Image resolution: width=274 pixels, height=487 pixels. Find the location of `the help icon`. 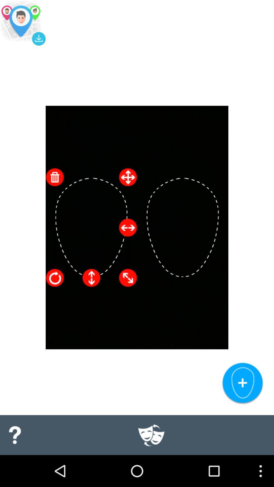

the help icon is located at coordinates (14, 465).